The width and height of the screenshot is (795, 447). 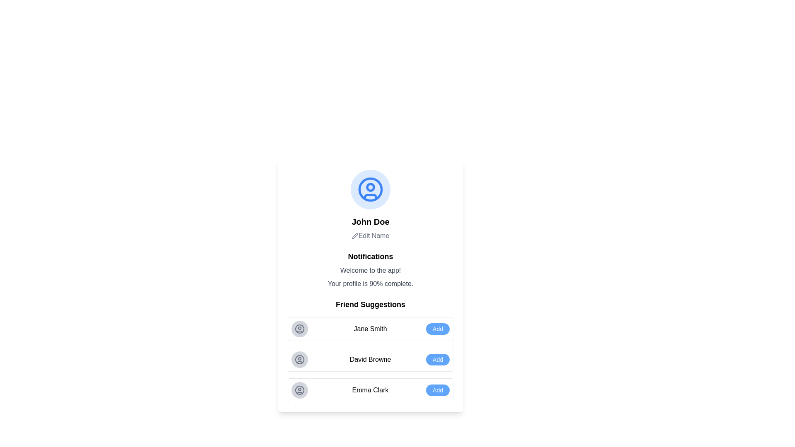 What do you see at coordinates (370, 236) in the screenshot?
I see `the interactive label below the text 'John Doe'` at bounding box center [370, 236].